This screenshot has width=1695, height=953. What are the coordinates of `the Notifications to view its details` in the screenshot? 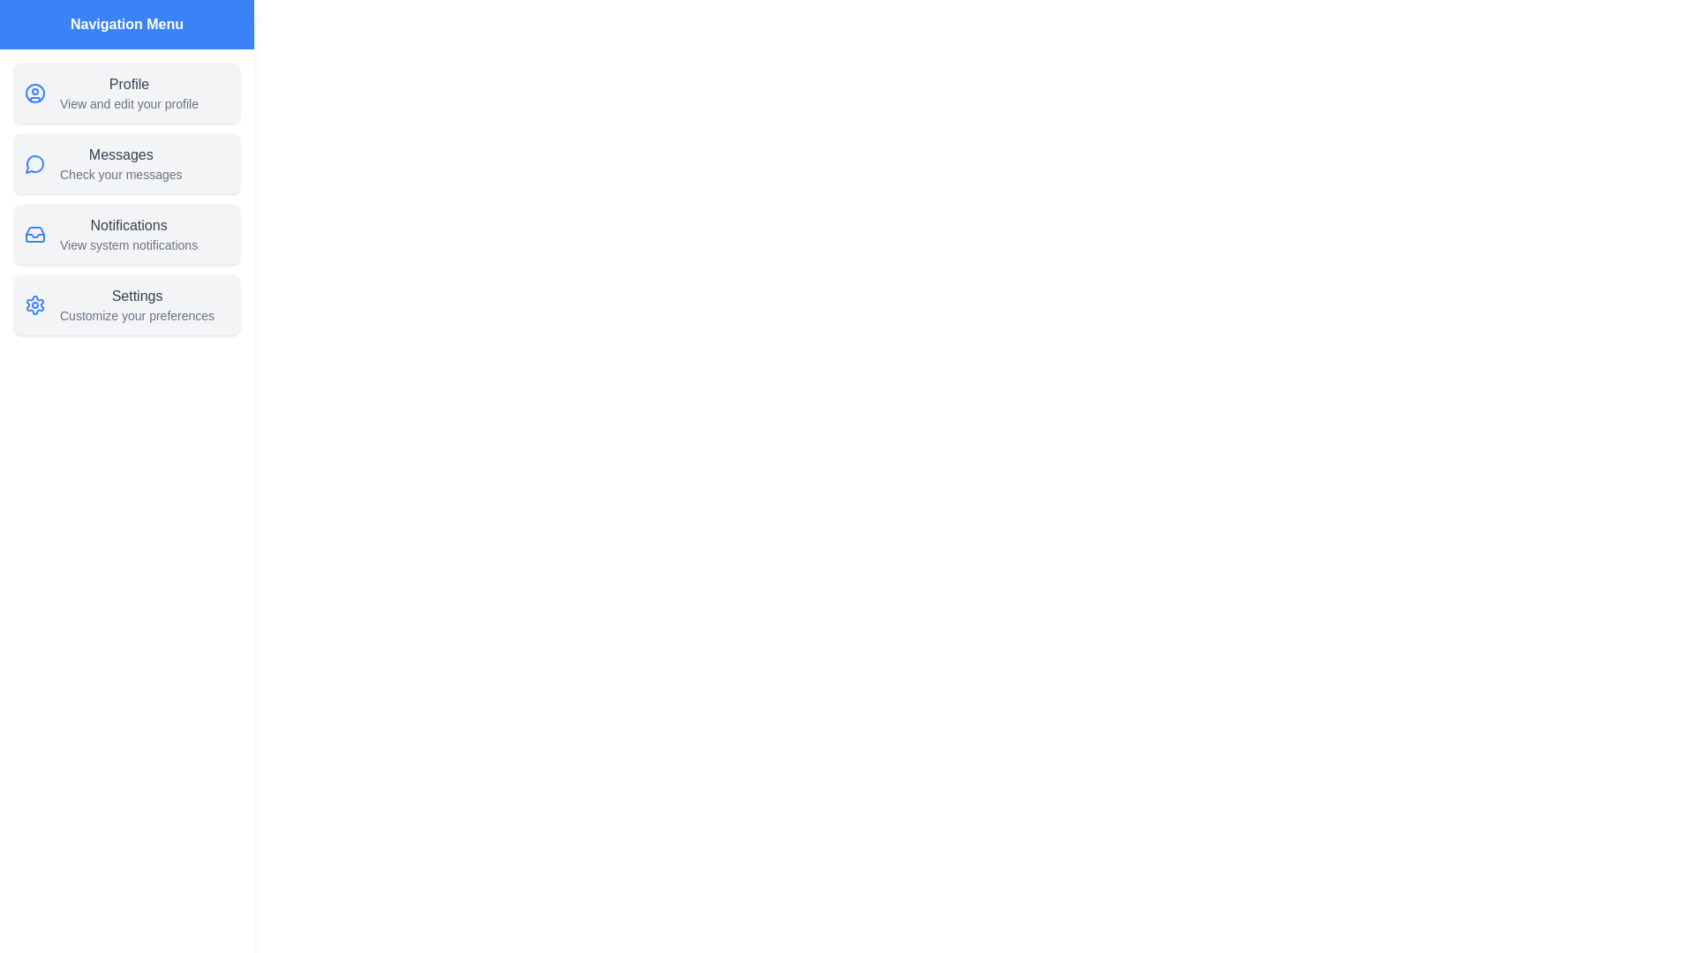 It's located at (126, 234).